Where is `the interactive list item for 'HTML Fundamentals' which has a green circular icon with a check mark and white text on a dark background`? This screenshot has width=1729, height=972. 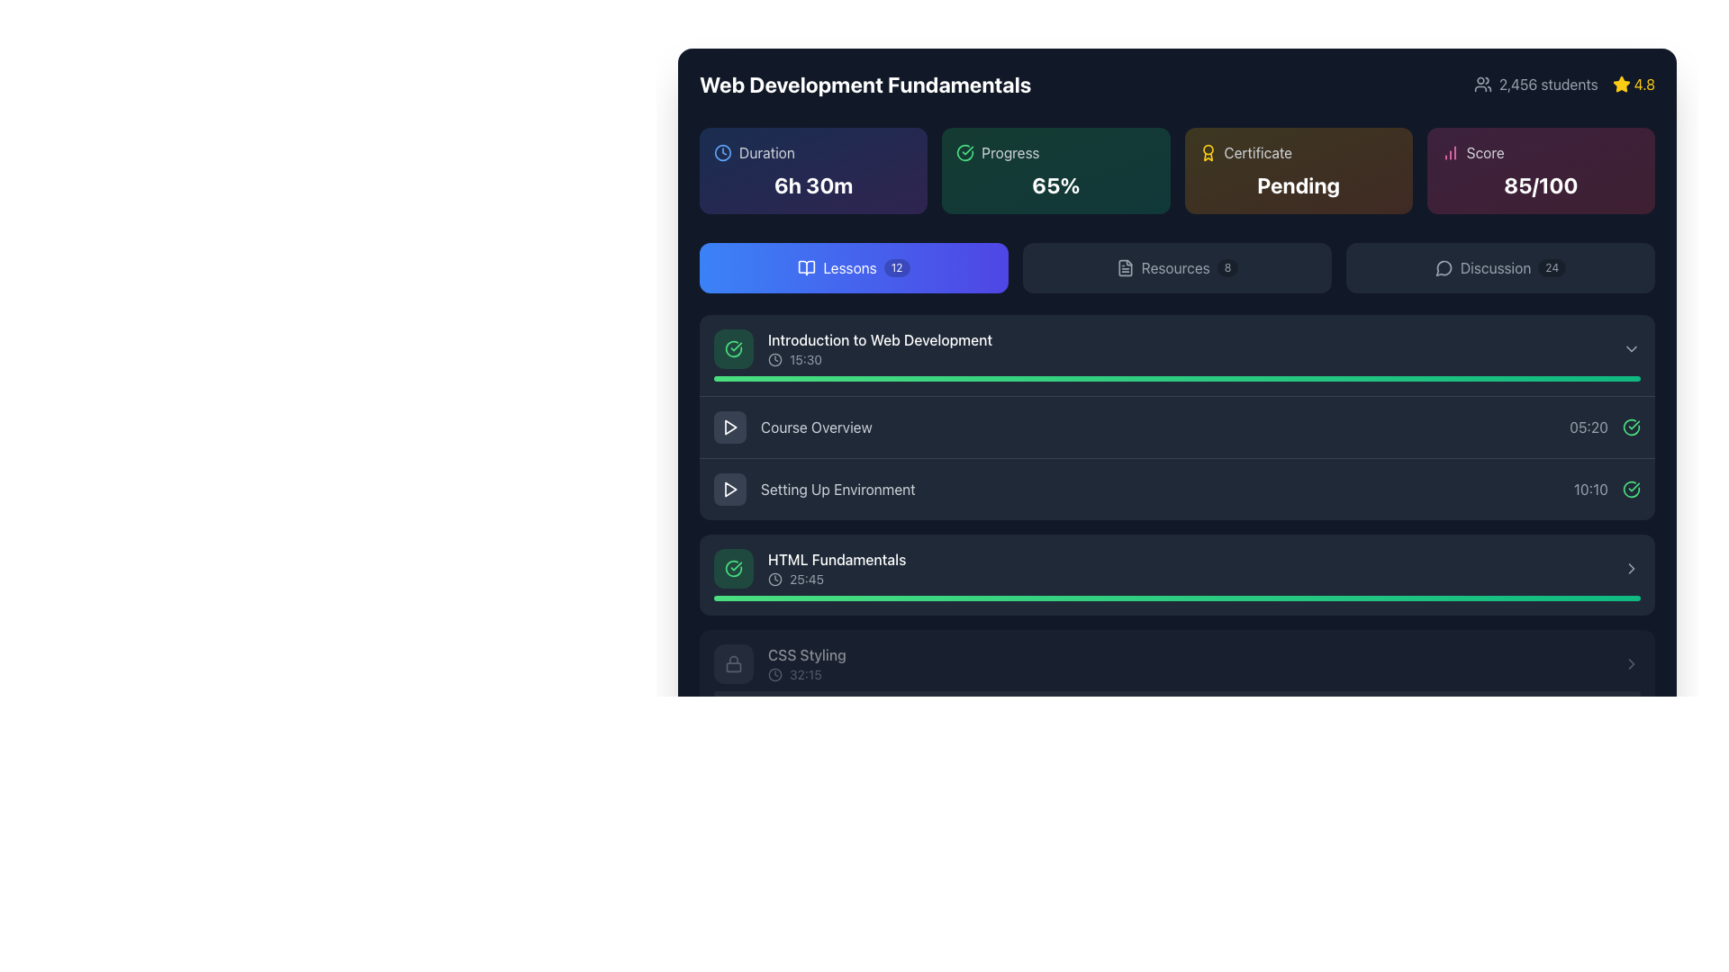 the interactive list item for 'HTML Fundamentals' which has a green circular icon with a check mark and white text on a dark background is located at coordinates (809, 569).